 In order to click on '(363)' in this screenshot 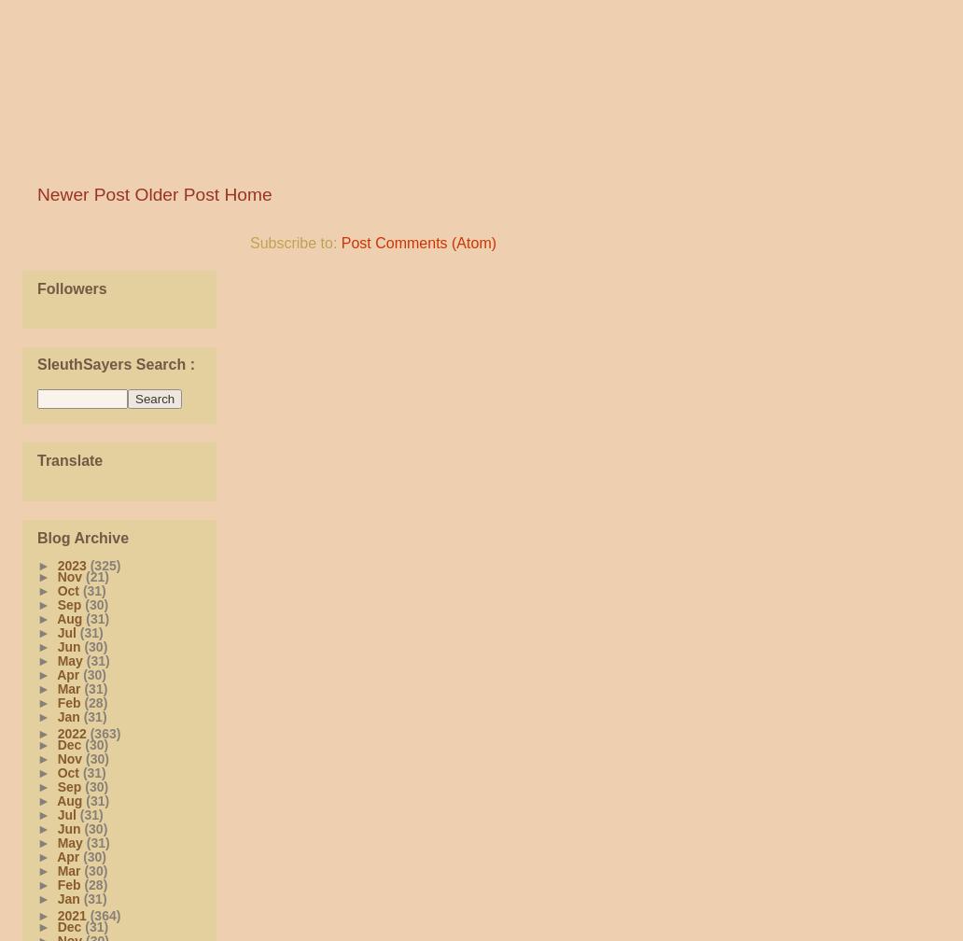, I will do `click(105, 734)`.